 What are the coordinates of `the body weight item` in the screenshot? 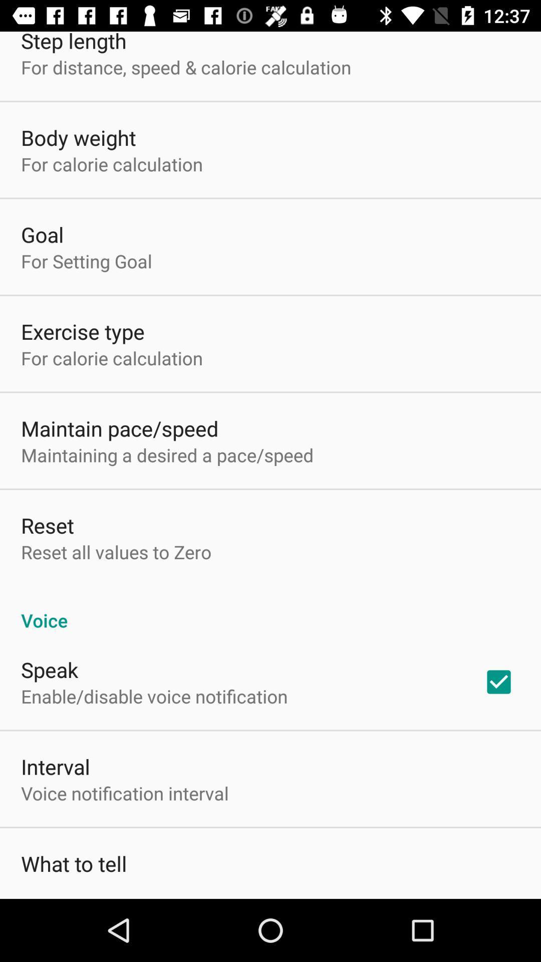 It's located at (78, 137).